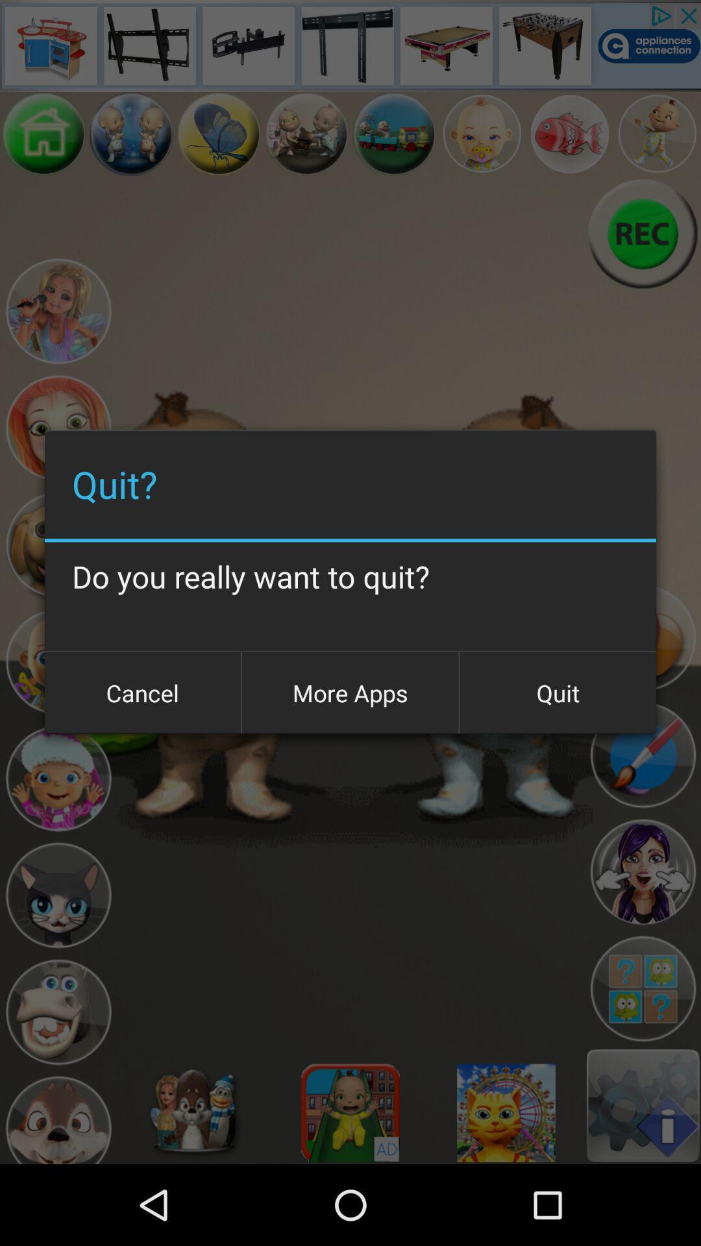  I want to click on face, so click(57, 1117).